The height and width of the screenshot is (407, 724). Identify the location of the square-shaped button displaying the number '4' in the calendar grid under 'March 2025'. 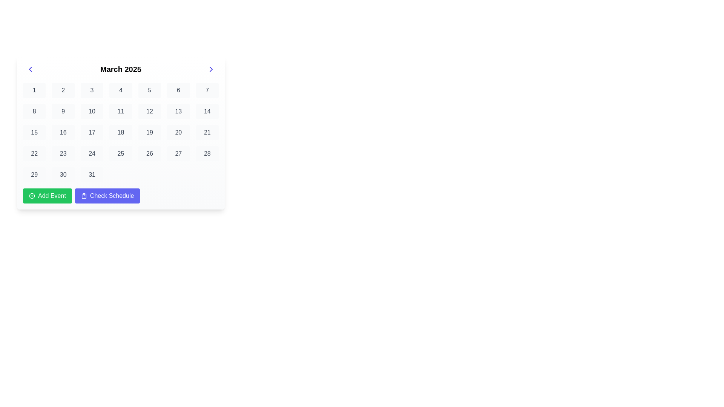
(121, 90).